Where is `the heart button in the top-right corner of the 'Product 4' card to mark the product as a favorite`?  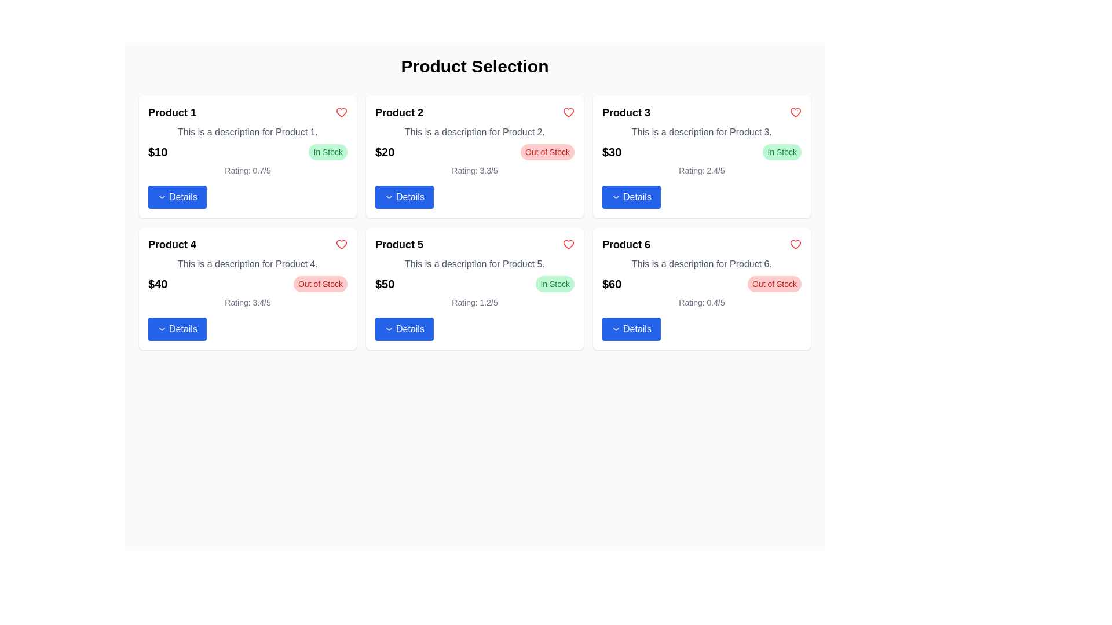
the heart button in the top-right corner of the 'Product 4' card to mark the product as a favorite is located at coordinates (341, 244).